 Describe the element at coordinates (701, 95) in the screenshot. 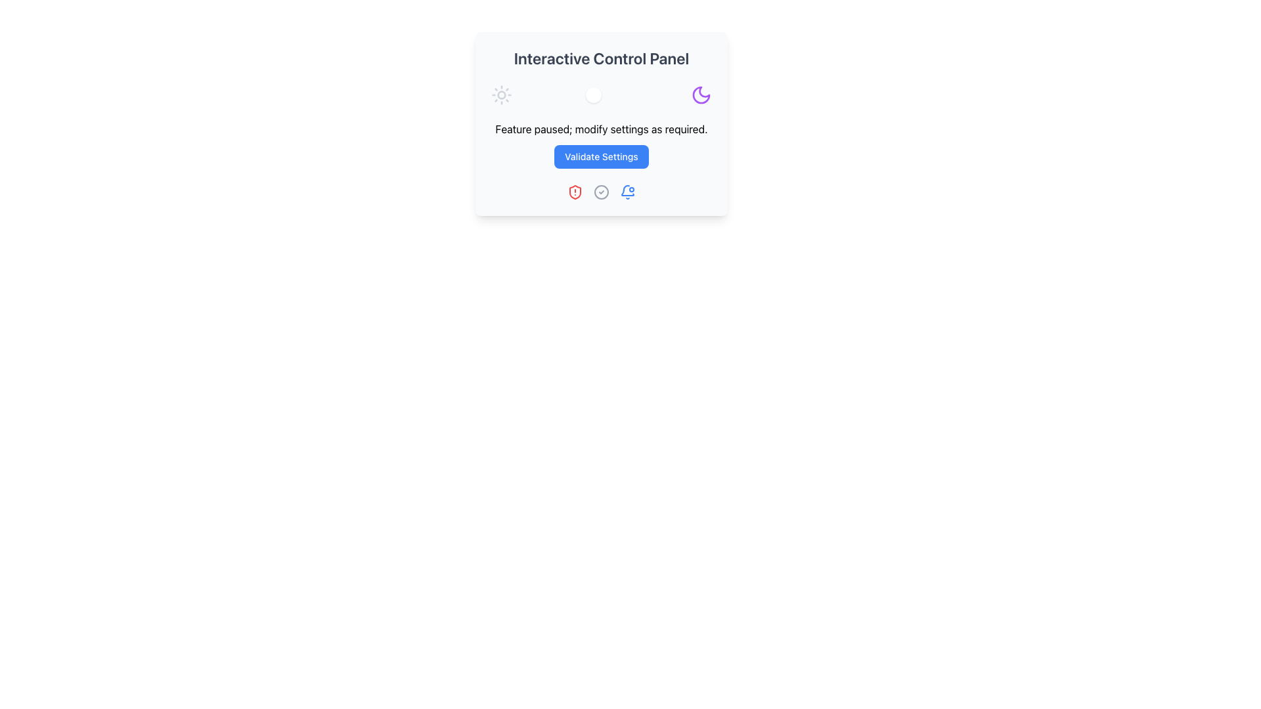

I see `the purple crescent moon icon located at the top-right corner of the 'Interactive Control Panel' card` at that location.